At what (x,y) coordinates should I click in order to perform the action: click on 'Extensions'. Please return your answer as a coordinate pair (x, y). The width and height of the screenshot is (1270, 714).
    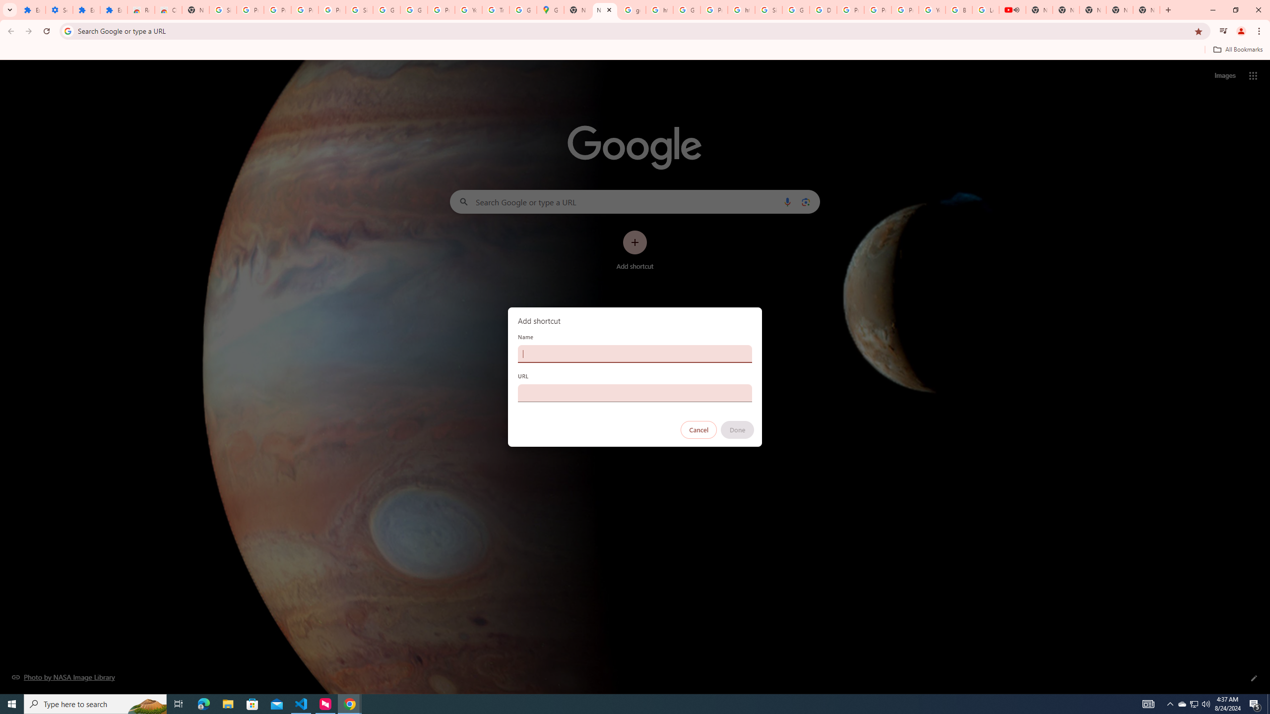
    Looking at the image, I should click on (86, 9).